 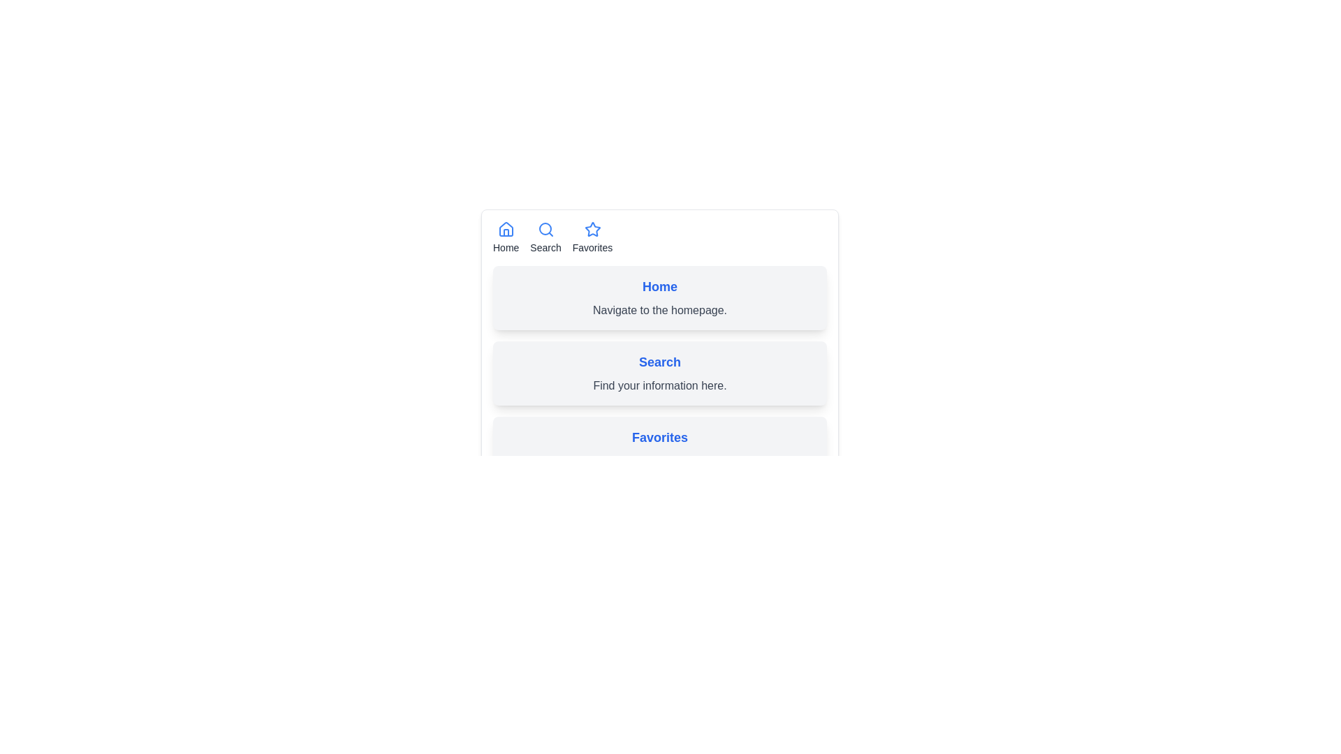 What do you see at coordinates (659, 449) in the screenshot?
I see `the informational card that hints at quickly accessing starred items, located at the bottom of the vertical list of three similar elements` at bounding box center [659, 449].